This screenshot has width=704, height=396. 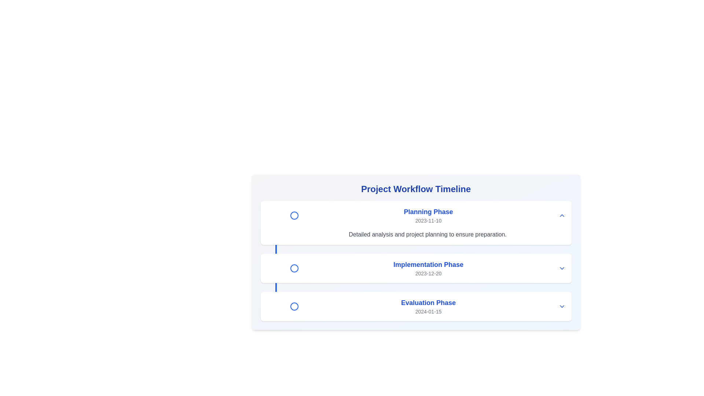 What do you see at coordinates (294, 307) in the screenshot?
I see `the decorative blue circular outline next to the 'Evaluation Phase' on the vertical timeline` at bounding box center [294, 307].